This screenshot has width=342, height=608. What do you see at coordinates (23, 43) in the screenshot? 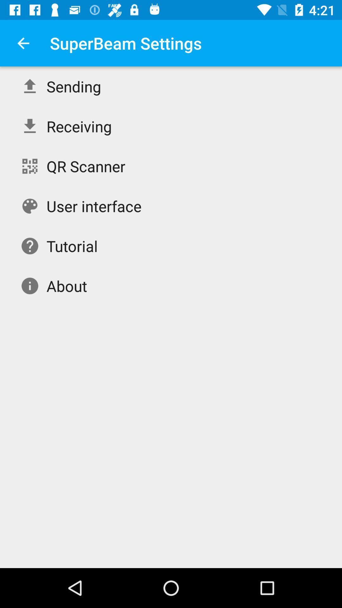
I see `the item above the sending icon` at bounding box center [23, 43].